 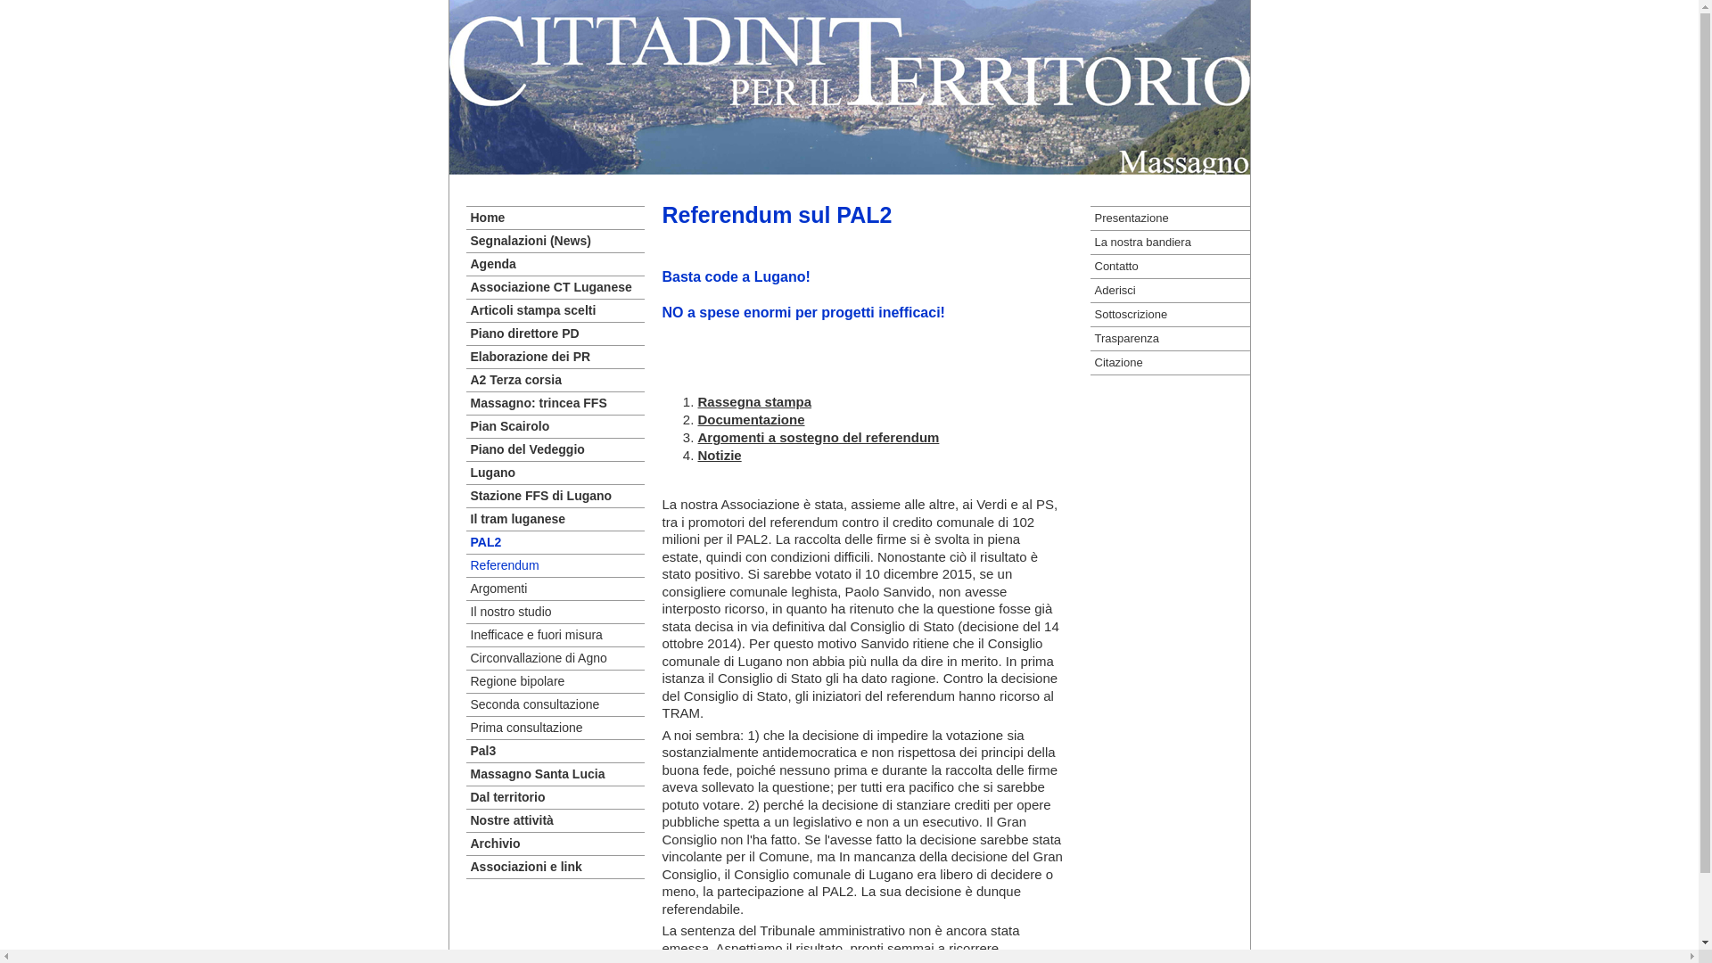 What do you see at coordinates (465, 309) in the screenshot?
I see `'Articoli stampa scelti'` at bounding box center [465, 309].